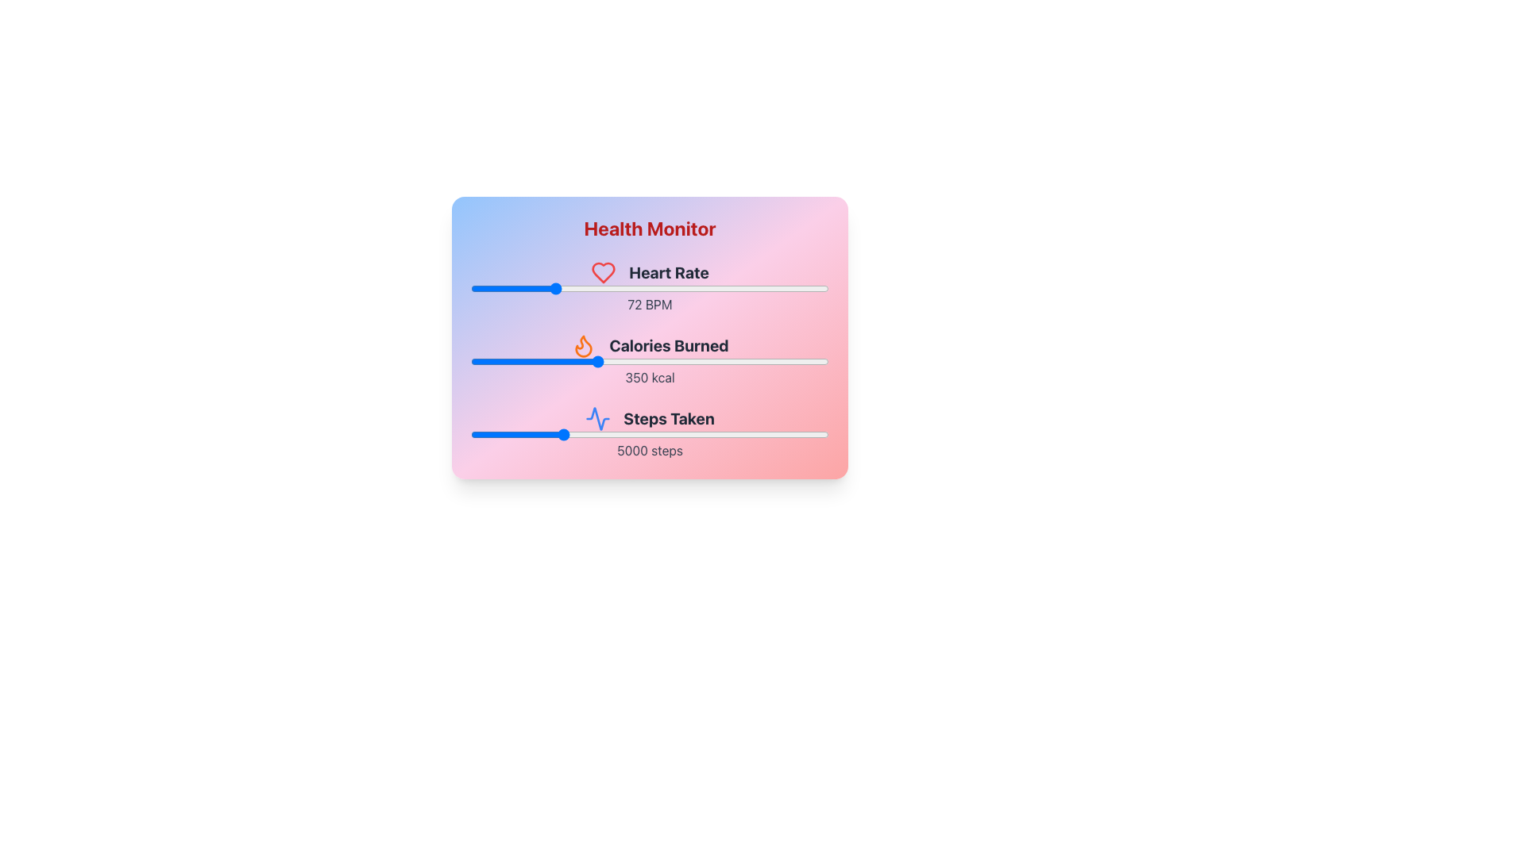 The width and height of the screenshot is (1525, 857). Describe the element at coordinates (735, 361) in the screenshot. I see `calories burned` at that location.